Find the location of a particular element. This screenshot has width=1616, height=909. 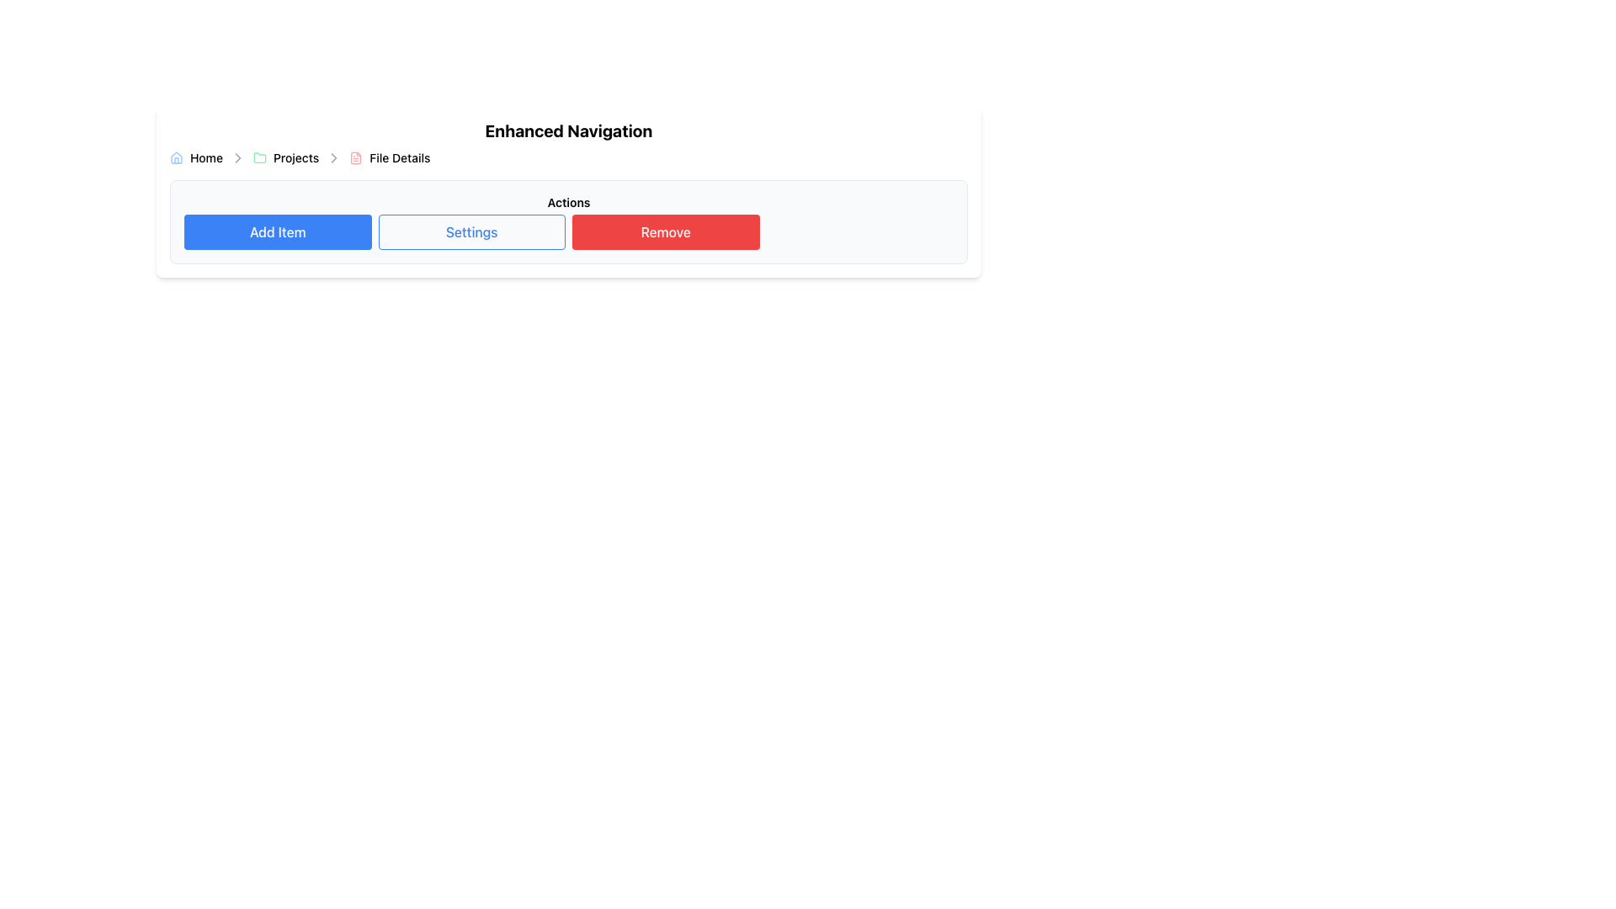

the icon representing the 'Projects' breadcrumb item is located at coordinates (258, 158).